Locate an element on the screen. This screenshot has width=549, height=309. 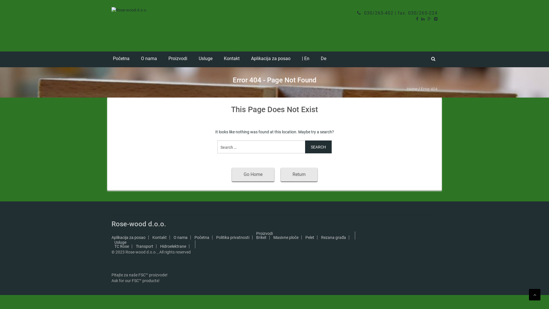
'Facebook' is located at coordinates (417, 18).